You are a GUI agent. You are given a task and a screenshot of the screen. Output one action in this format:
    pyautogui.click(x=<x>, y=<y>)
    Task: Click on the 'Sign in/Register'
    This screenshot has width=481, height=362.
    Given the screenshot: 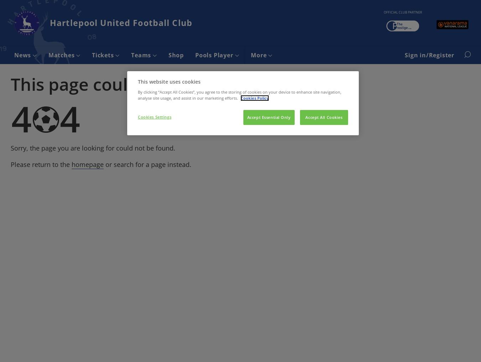 What is the action you would take?
    pyautogui.click(x=429, y=54)
    